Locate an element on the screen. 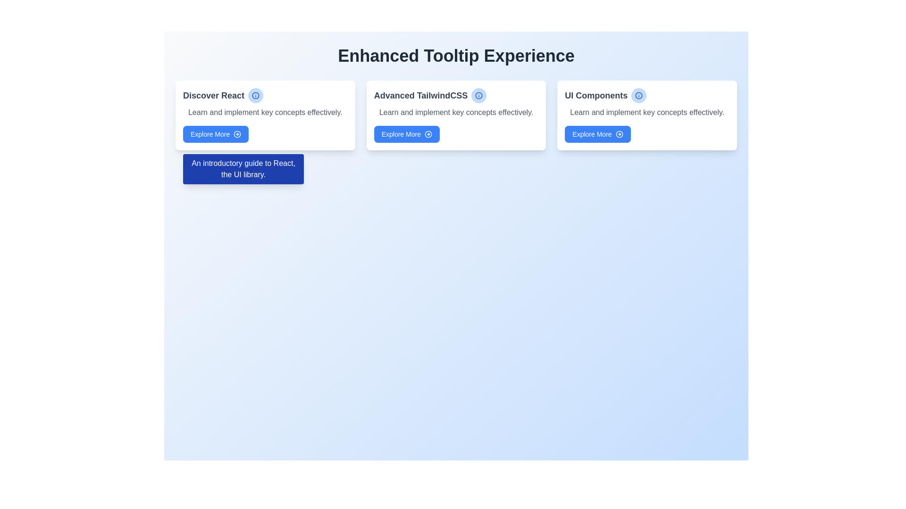 The image size is (906, 509). the informational icon located in the top right corner of the Discover React card near the card title is located at coordinates (256, 96).